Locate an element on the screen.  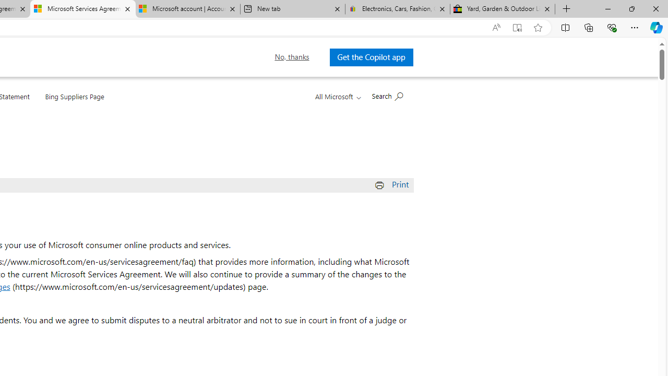
'Get the Copilot app ' is located at coordinates (371, 57).